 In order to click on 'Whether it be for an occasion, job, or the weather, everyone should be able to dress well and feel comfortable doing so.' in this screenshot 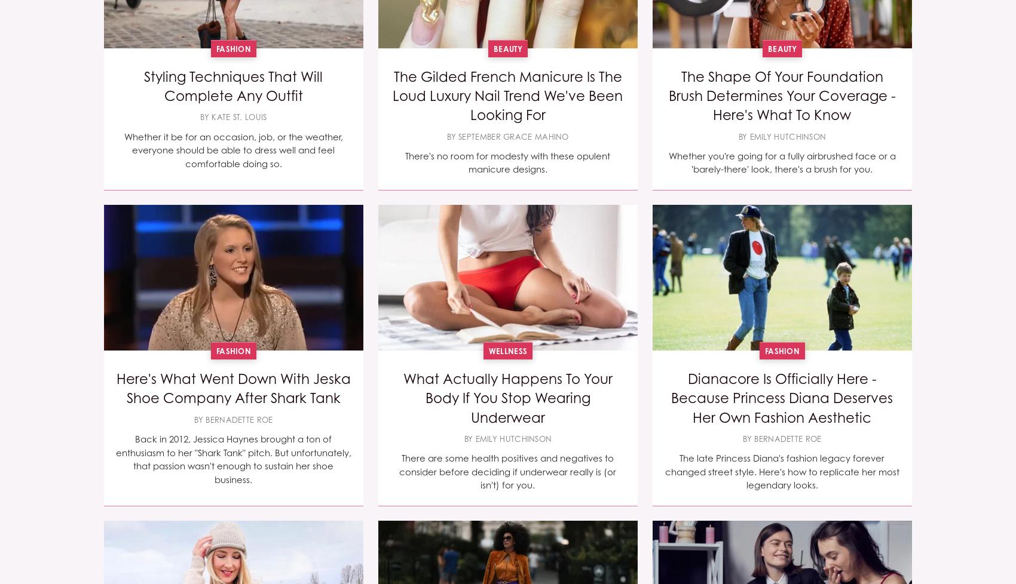, I will do `click(232, 149)`.